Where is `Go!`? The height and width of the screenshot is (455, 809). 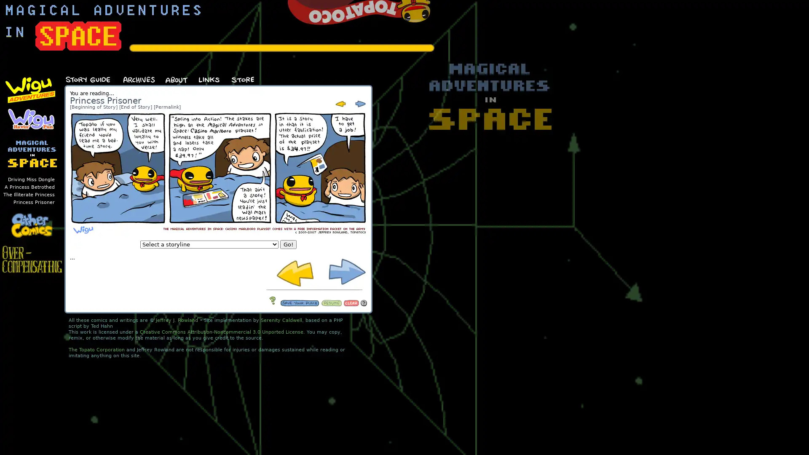
Go! is located at coordinates (288, 244).